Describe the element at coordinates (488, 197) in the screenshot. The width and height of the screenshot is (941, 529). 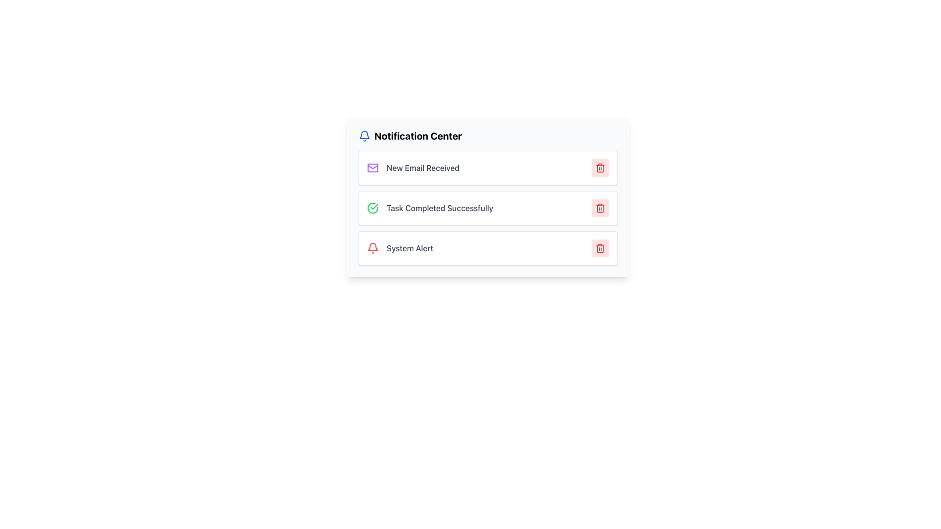
I see `the second notification rectangle in the Notification Center that indicates the completion of a task` at that location.